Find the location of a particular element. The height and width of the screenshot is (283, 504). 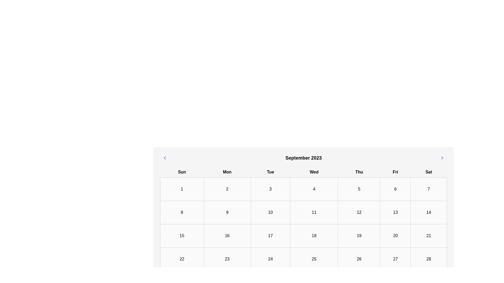

on the clickable cell displaying the number '15' in the calendar grid, located under the 'Sun' column is located at coordinates (182, 235).